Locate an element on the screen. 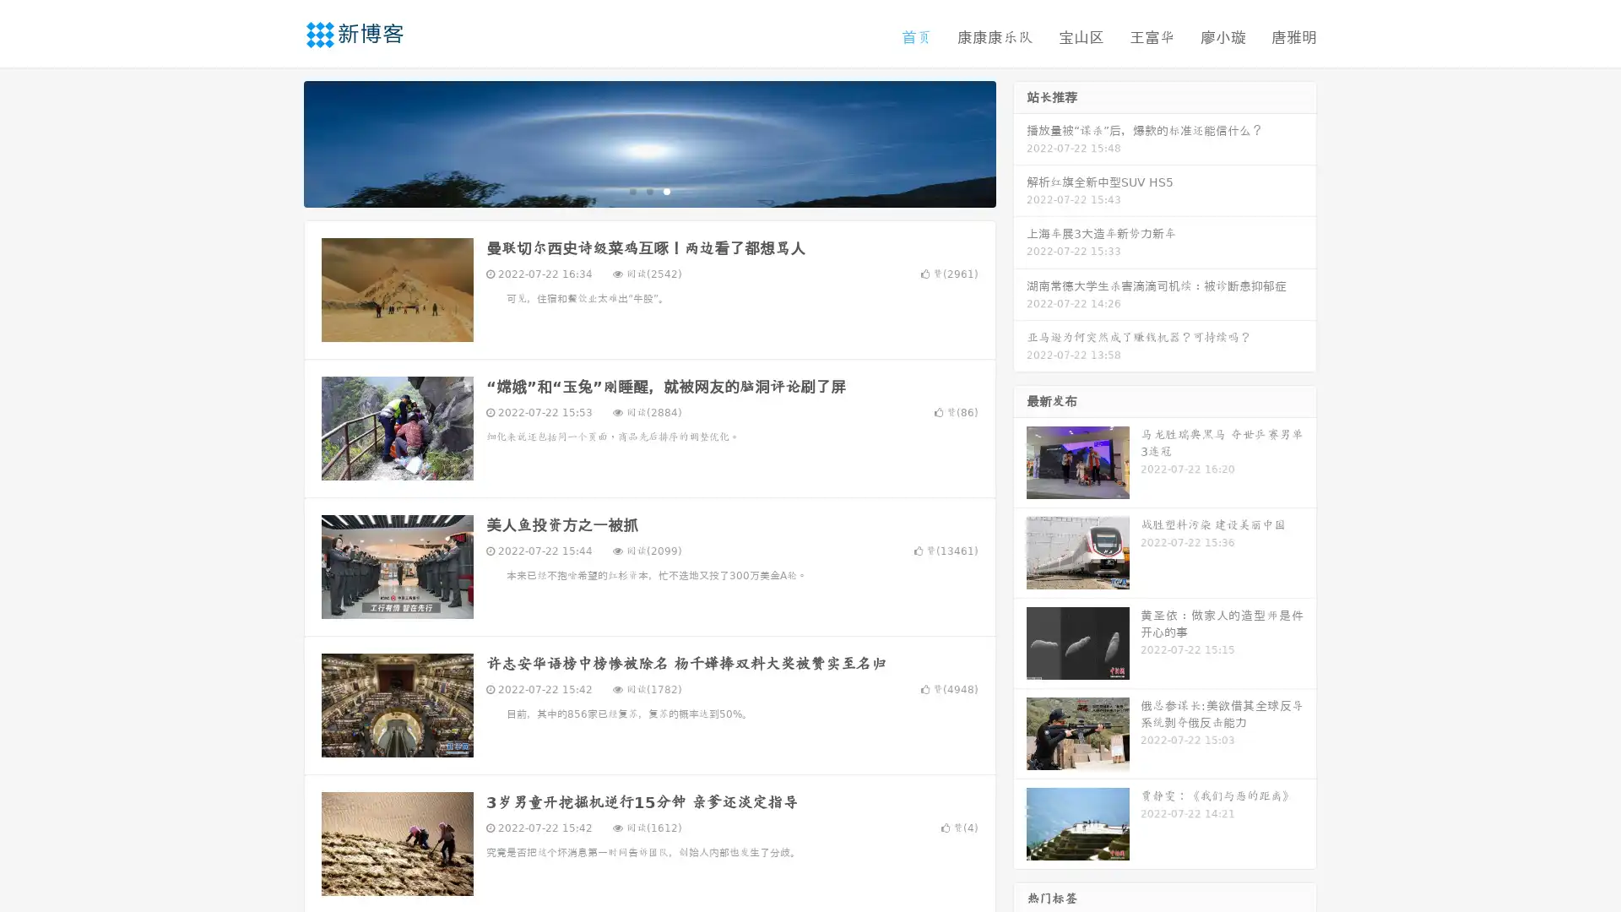  Go to slide 3 is located at coordinates (666, 190).